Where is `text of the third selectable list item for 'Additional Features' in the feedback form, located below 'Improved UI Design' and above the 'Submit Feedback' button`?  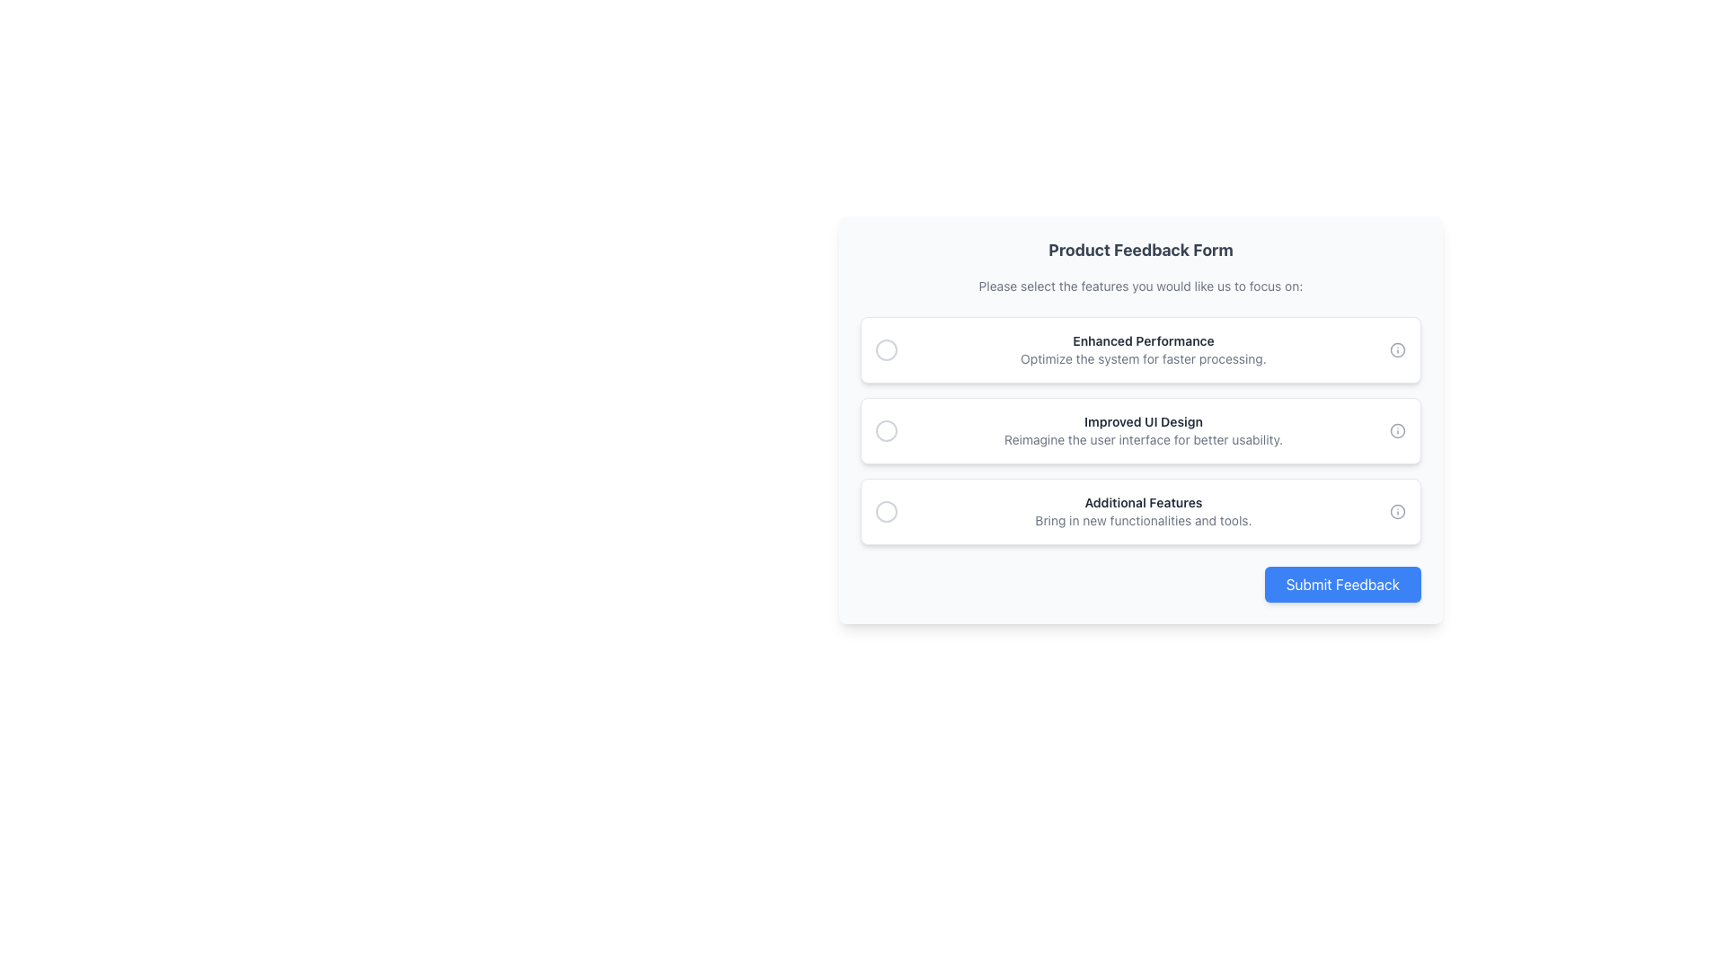
text of the third selectable list item for 'Additional Features' in the feedback form, located below 'Improved UI Design' and above the 'Submit Feedback' button is located at coordinates (1140, 512).